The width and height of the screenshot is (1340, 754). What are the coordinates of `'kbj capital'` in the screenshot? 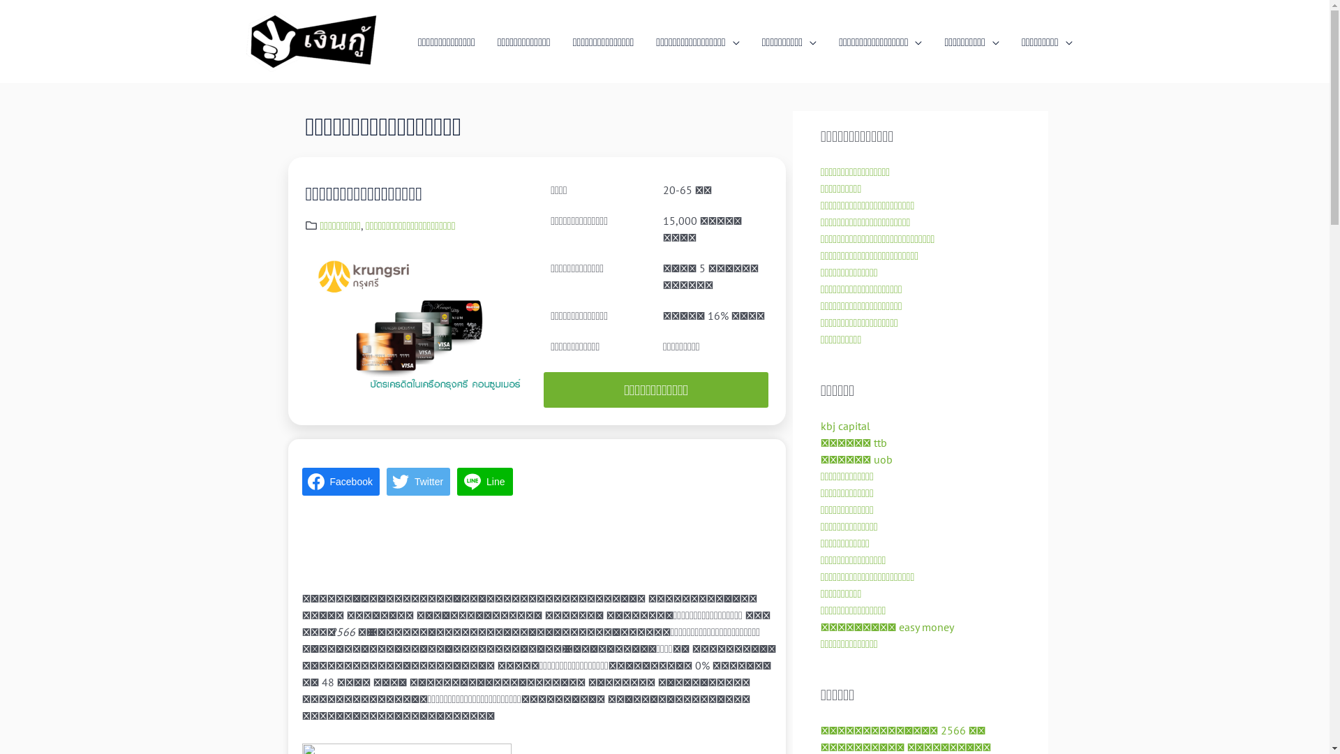 It's located at (844, 424).